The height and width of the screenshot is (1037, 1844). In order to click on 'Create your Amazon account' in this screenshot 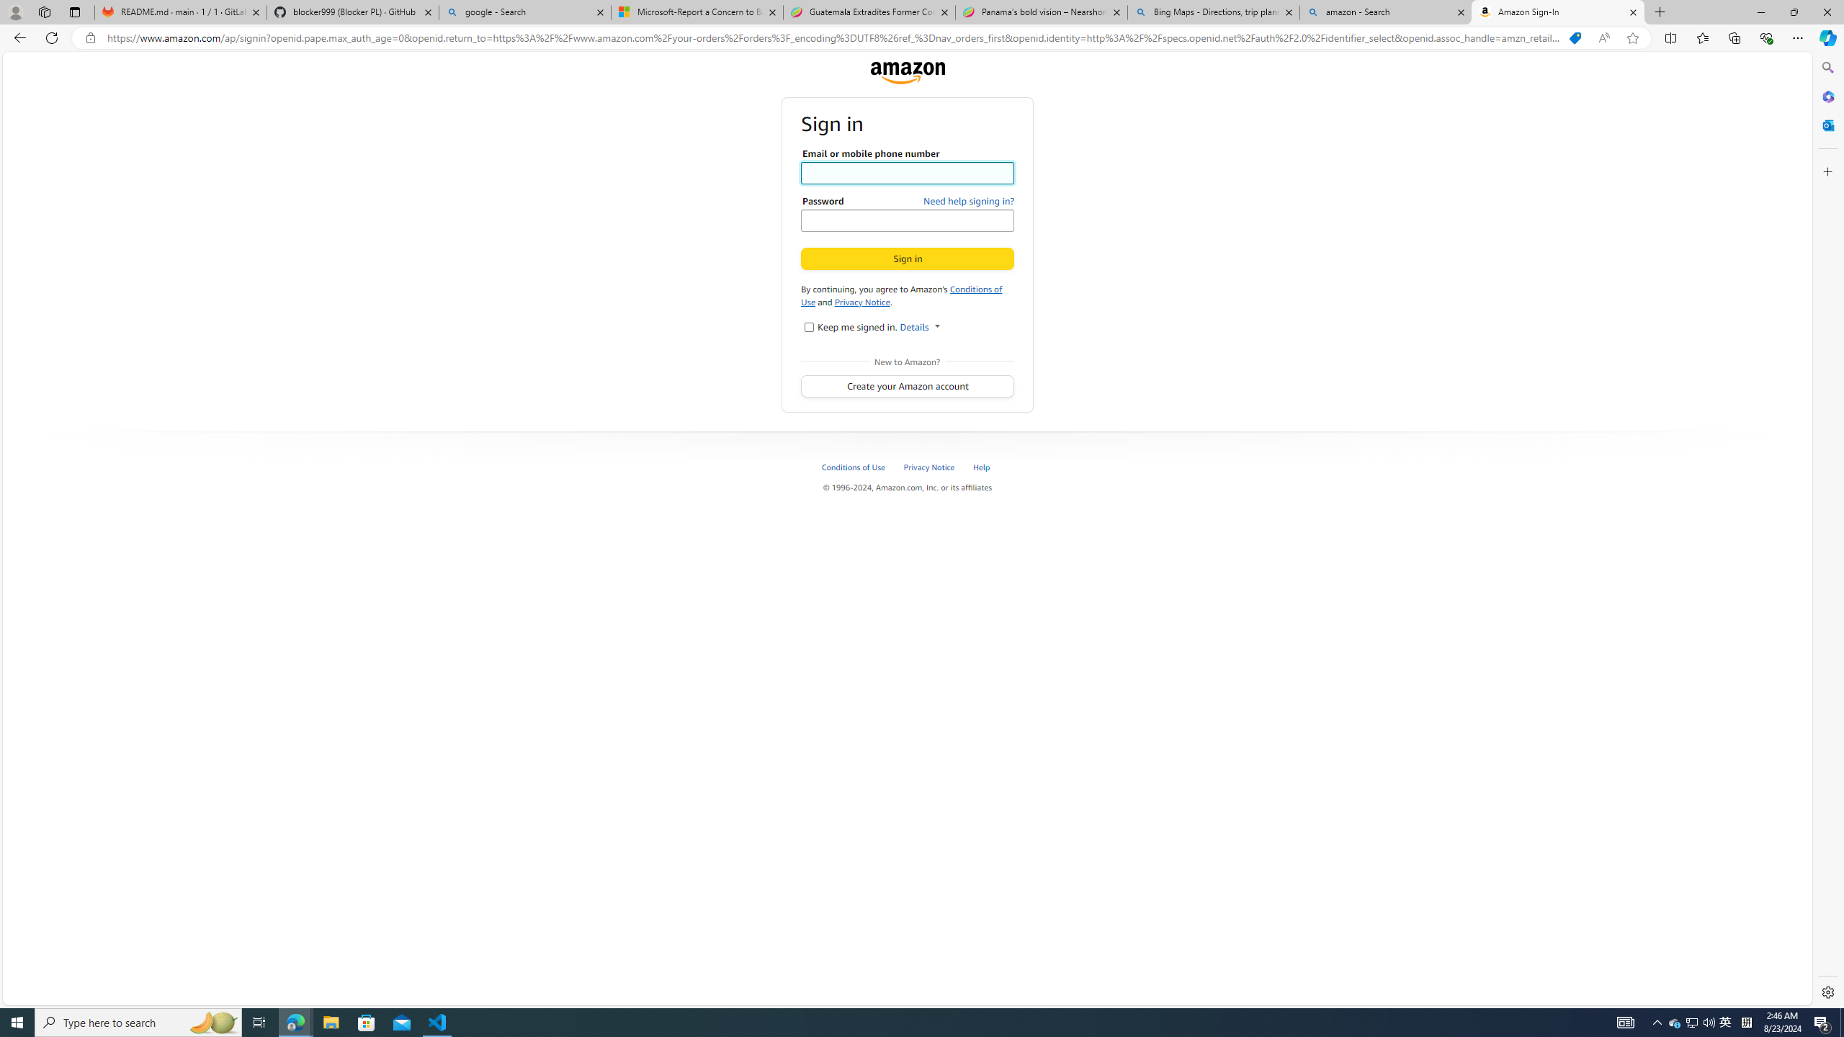, I will do `click(907, 386)`.